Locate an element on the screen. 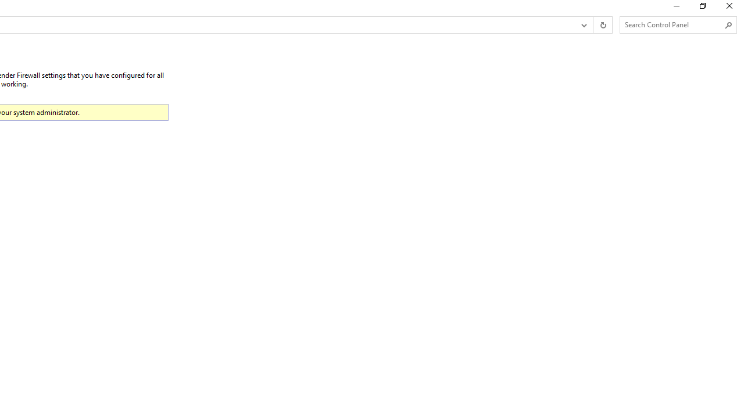 This screenshot has width=744, height=418. 'Search Box' is located at coordinates (673, 24).